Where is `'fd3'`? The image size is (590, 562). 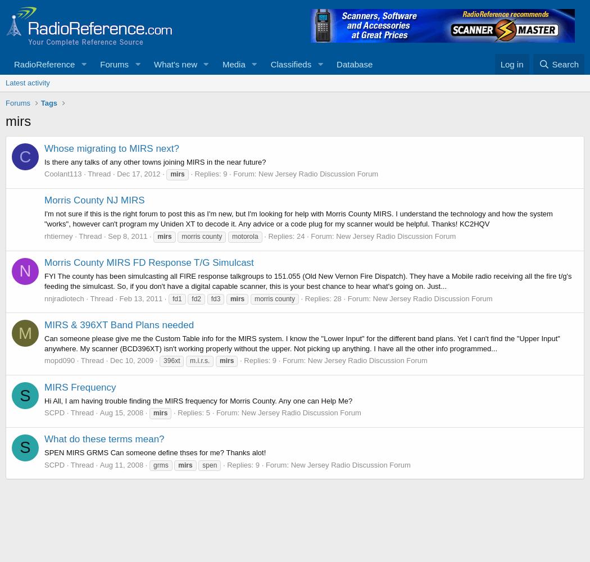 'fd3' is located at coordinates (210, 298).